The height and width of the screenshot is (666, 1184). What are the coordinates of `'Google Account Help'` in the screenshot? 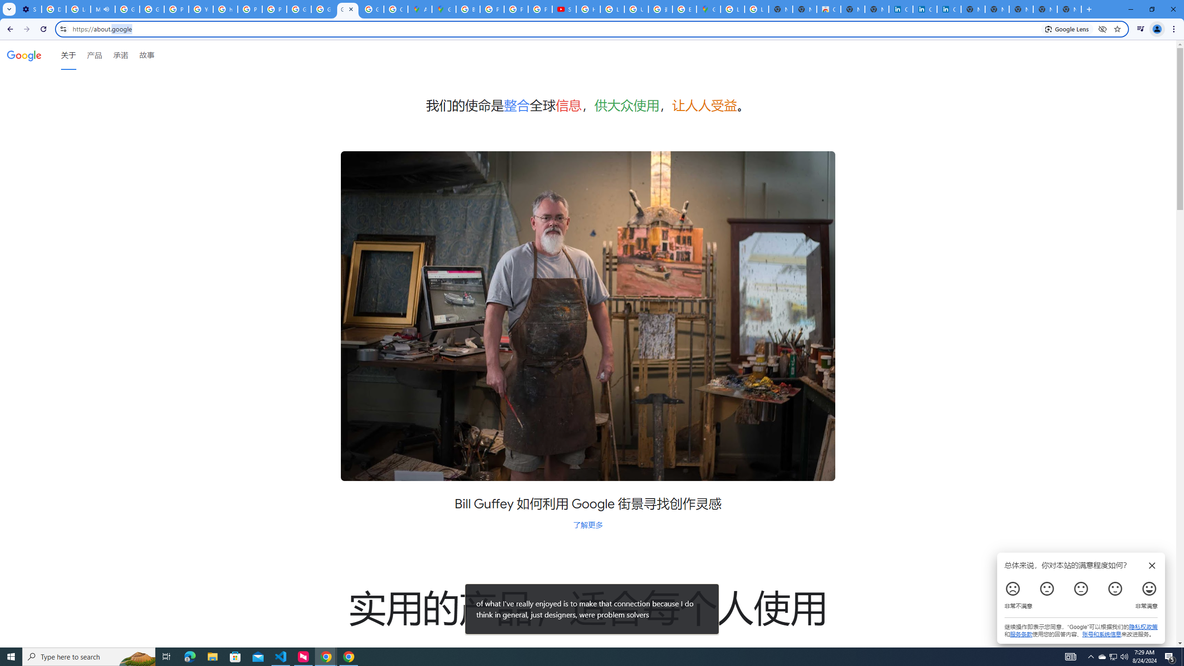 It's located at (127, 9).